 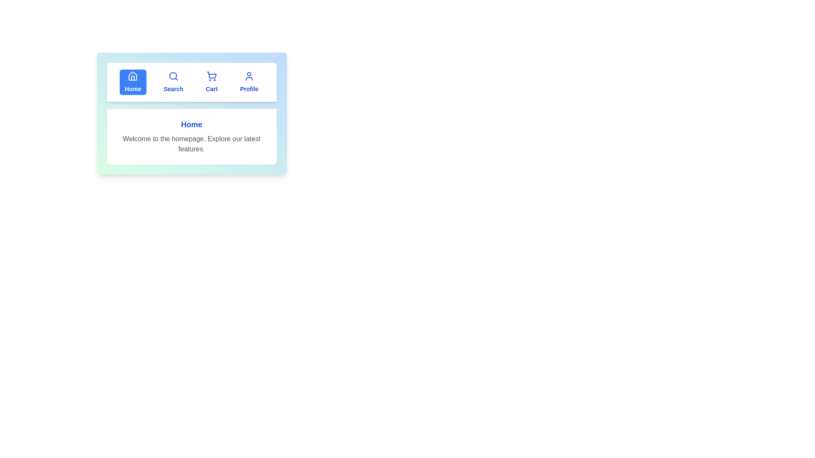 What do you see at coordinates (211, 82) in the screenshot?
I see `the tab labeled Cart to display its content` at bounding box center [211, 82].